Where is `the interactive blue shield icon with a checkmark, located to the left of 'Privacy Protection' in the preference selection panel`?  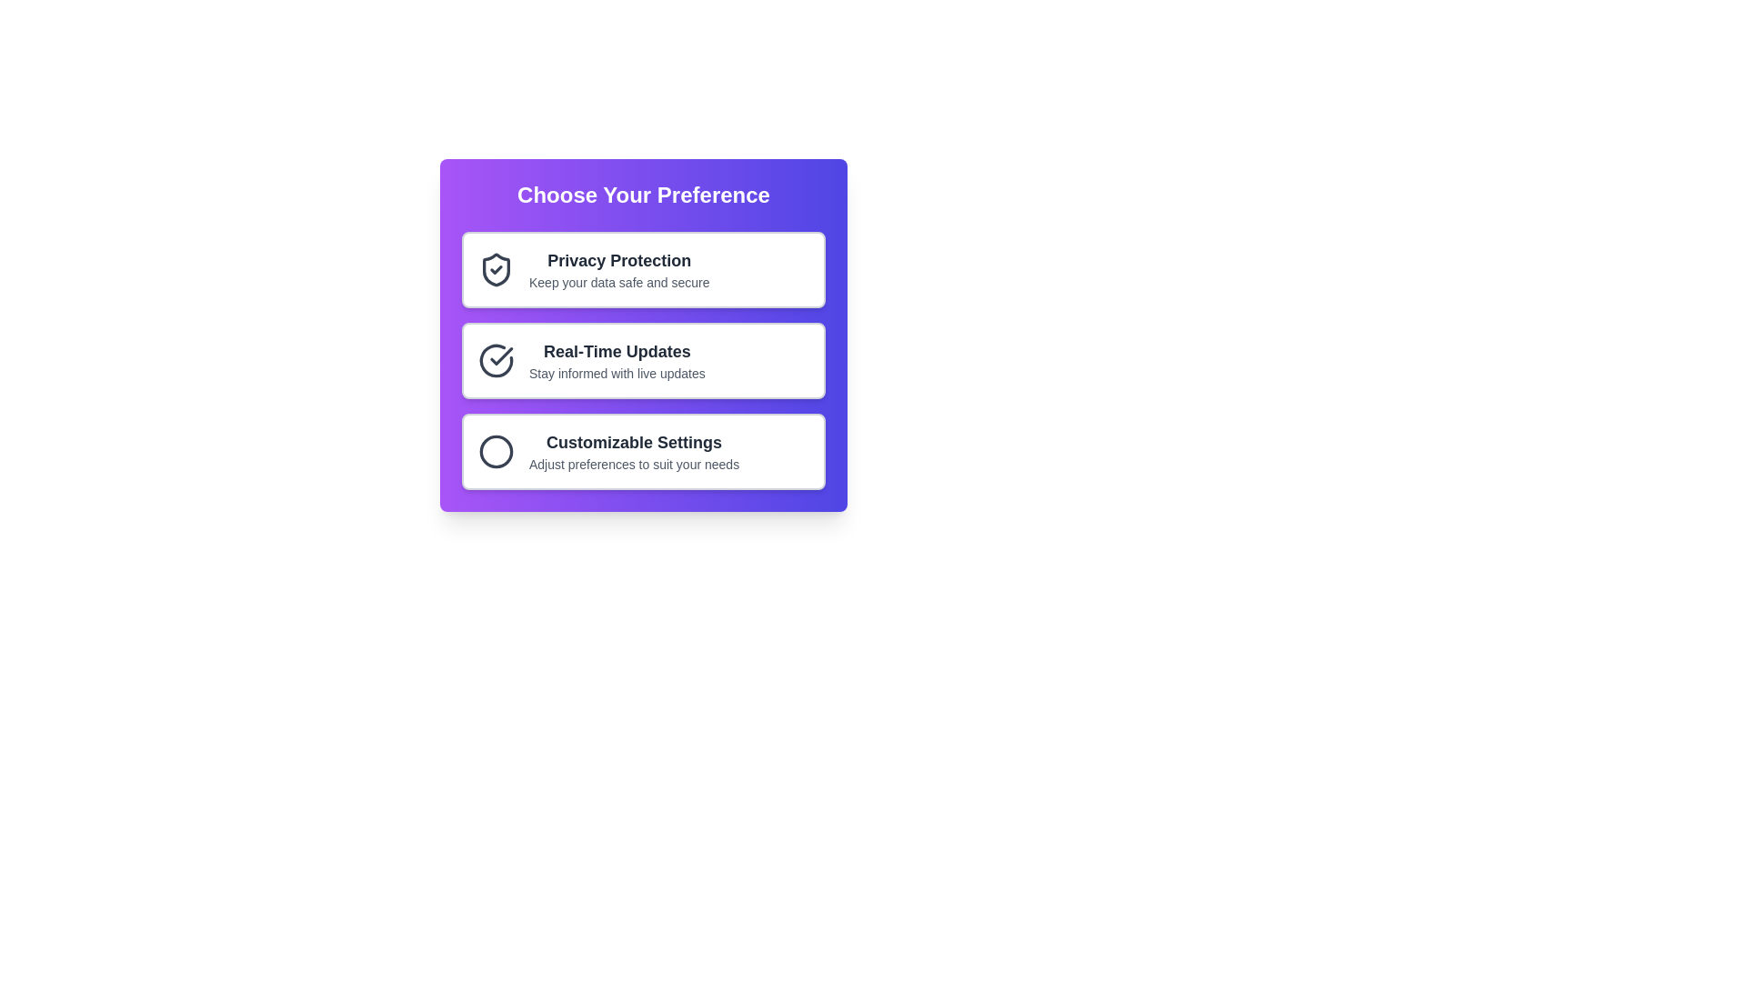 the interactive blue shield icon with a checkmark, located to the left of 'Privacy Protection' in the preference selection panel is located at coordinates (497, 270).